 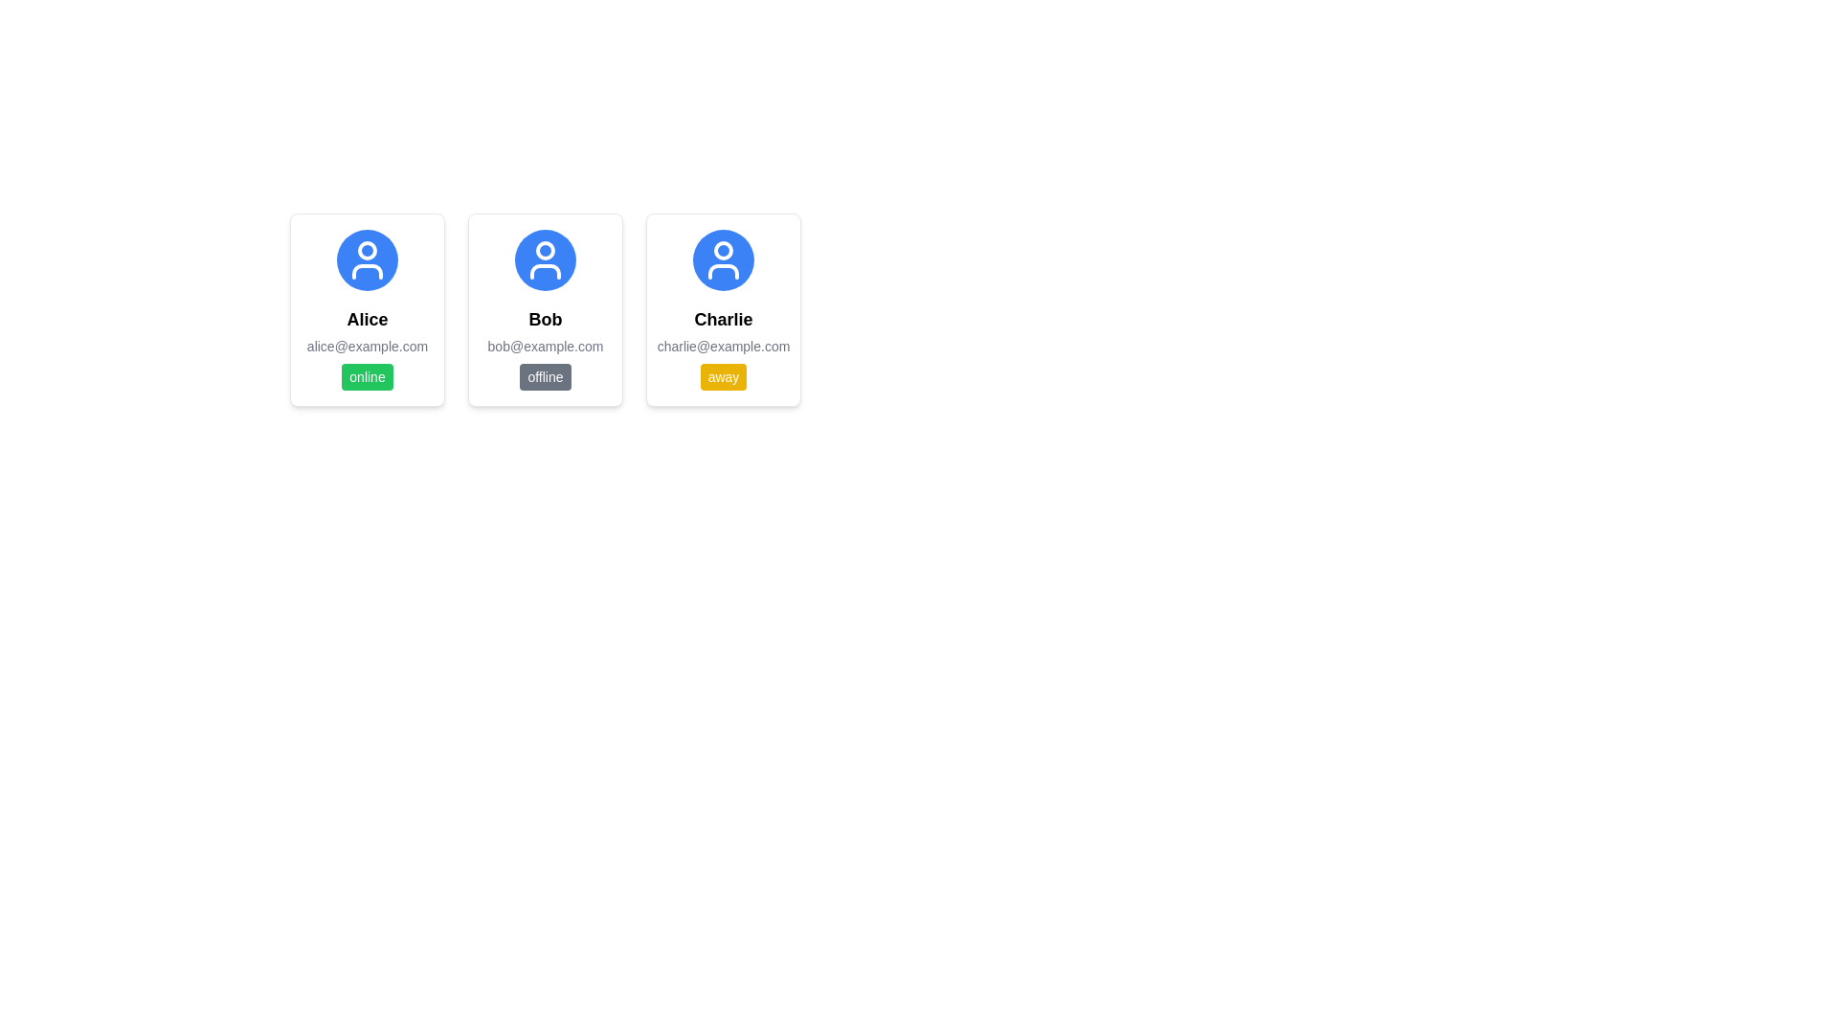 I want to click on the circular blue button with a white user icon that is located above the text 'Alice' in the card layout, so click(x=368, y=260).